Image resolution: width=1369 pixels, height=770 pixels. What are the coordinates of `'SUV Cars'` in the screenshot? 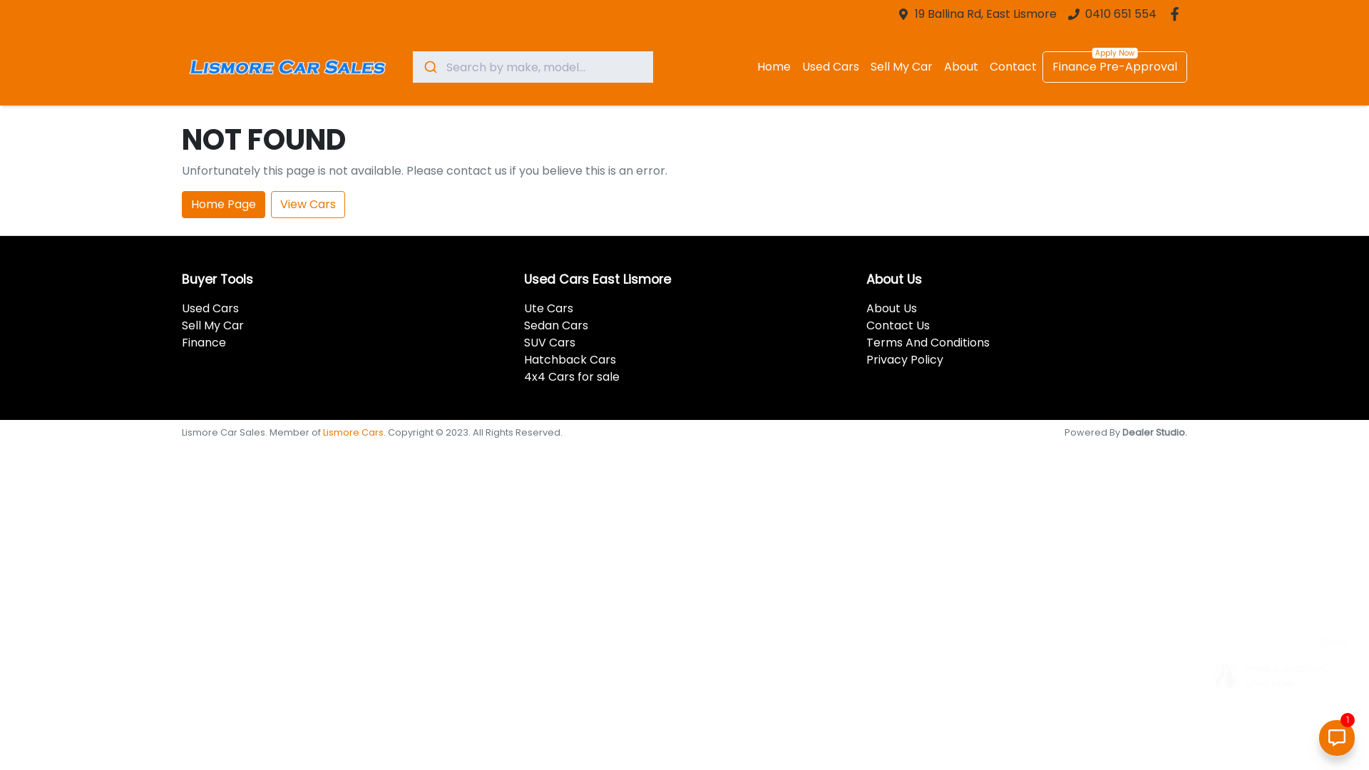 It's located at (549, 342).